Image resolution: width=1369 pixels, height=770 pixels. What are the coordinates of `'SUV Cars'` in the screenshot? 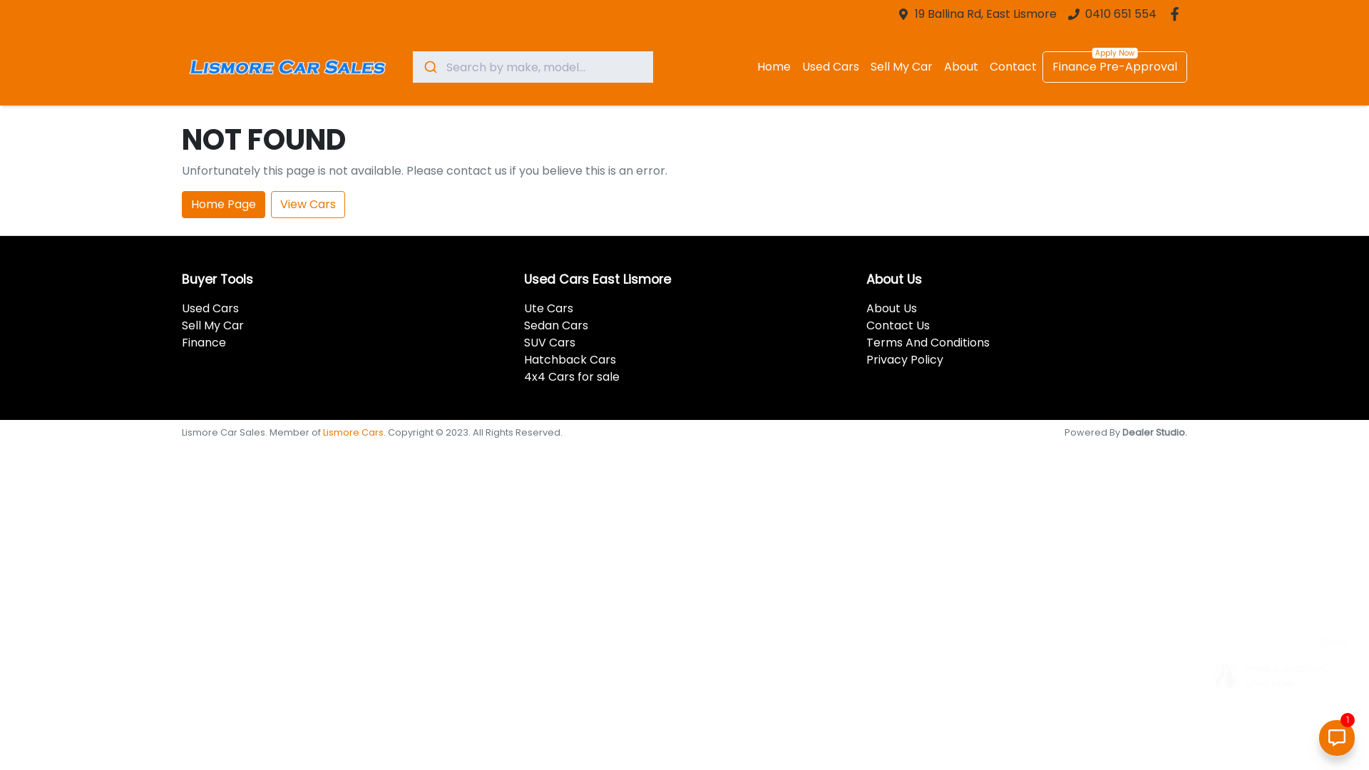 It's located at (549, 342).